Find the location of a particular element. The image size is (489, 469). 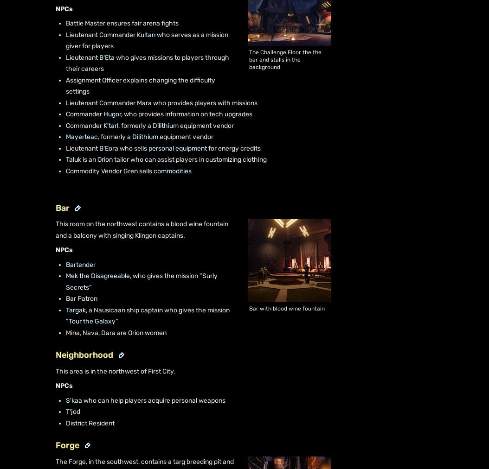

'Media Kit' is located at coordinates (52, 120).